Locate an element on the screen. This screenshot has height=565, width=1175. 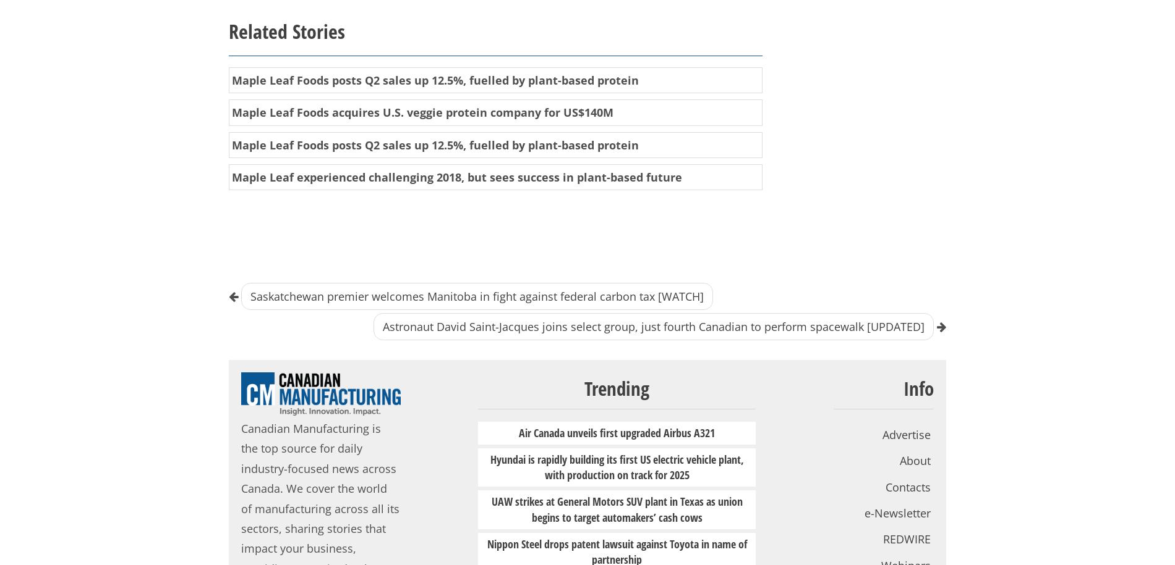
'Trending' is located at coordinates (617, 388).